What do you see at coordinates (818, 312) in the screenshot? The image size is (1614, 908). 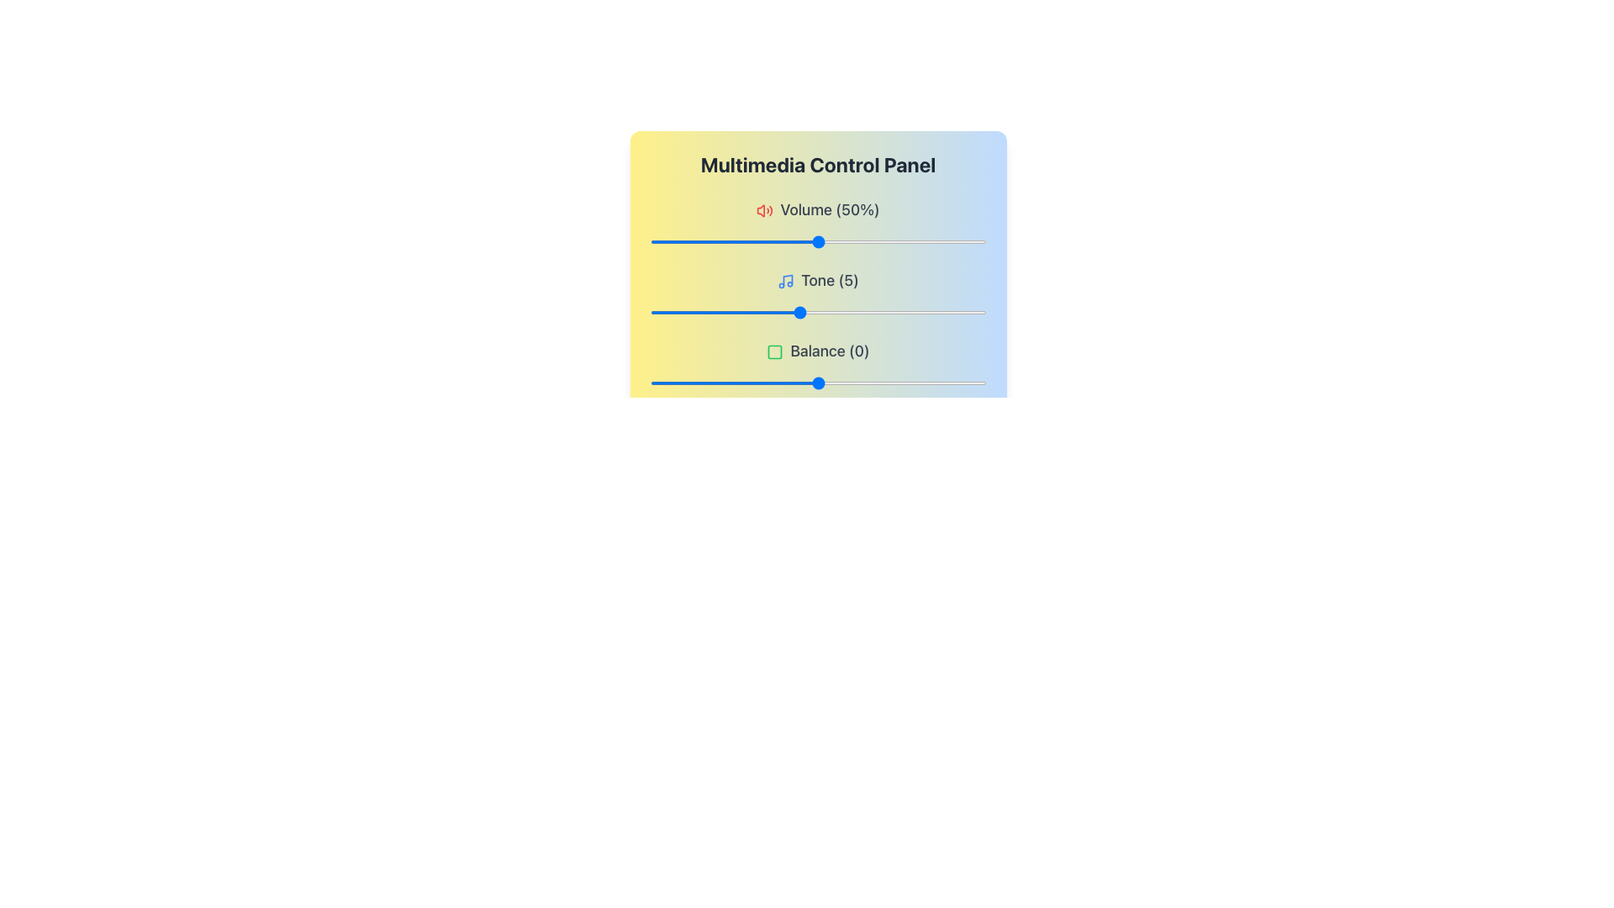 I see `the Range slider, which is a thin horizontal slider with a blue circular thumb, located below the 'Tone (5)' label and above the 'Balance' slider, to provide visual feedback` at bounding box center [818, 312].